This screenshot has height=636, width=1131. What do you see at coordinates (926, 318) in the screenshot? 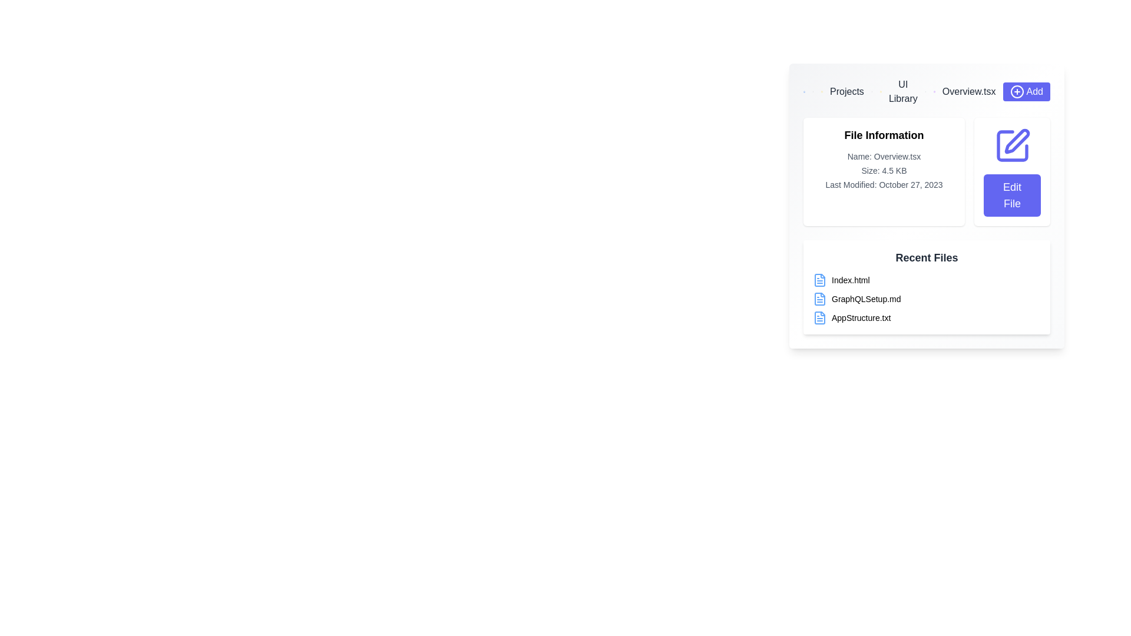
I see `the file entry titled 'AppStructure.txt' located at the bottom of the vertical list` at bounding box center [926, 318].